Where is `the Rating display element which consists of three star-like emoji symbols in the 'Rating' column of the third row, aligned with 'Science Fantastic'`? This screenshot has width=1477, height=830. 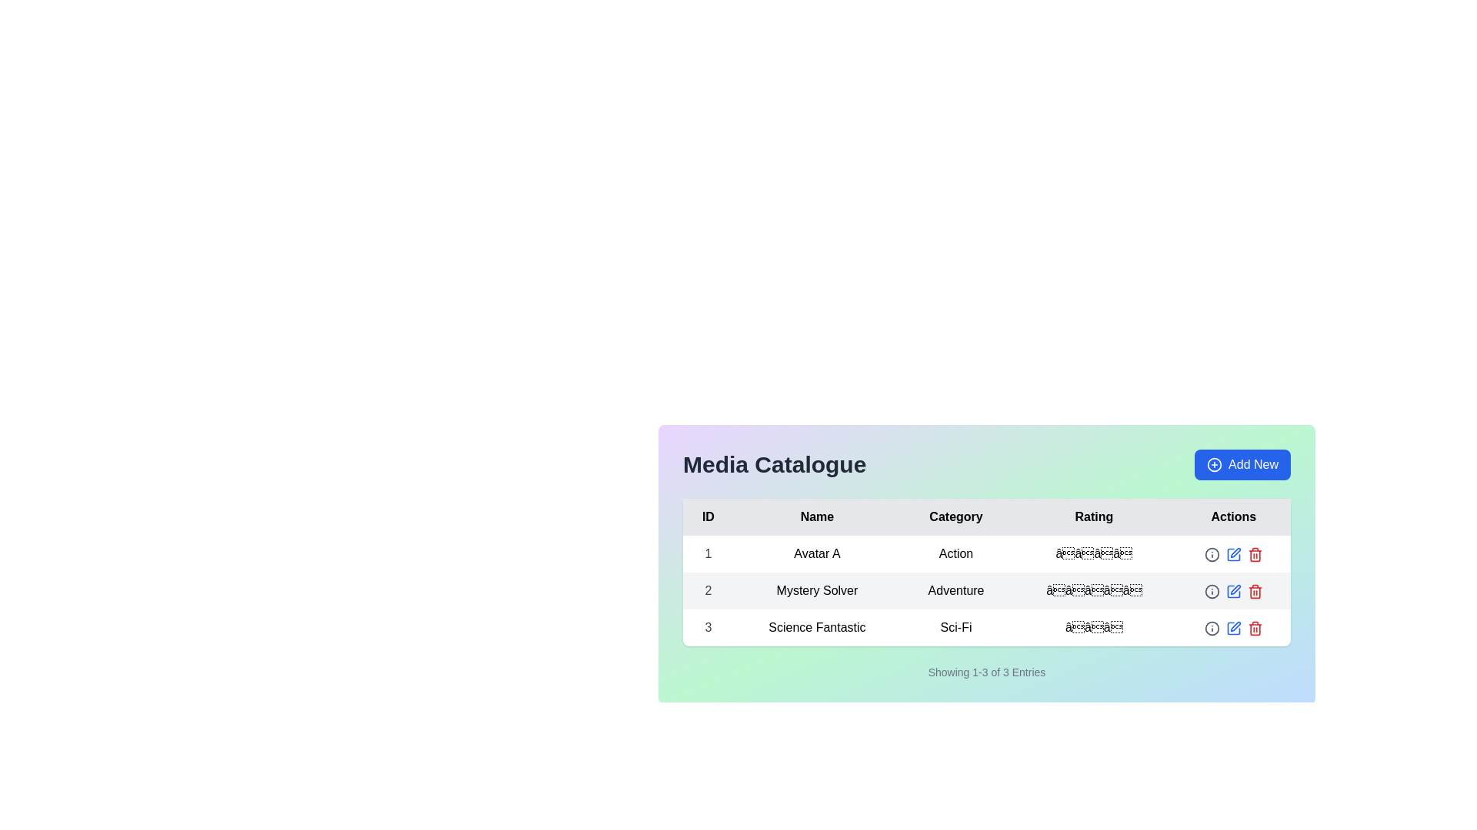
the Rating display element which consists of three star-like emoji symbols in the 'Rating' column of the third row, aligned with 'Science Fantastic' is located at coordinates (1093, 628).